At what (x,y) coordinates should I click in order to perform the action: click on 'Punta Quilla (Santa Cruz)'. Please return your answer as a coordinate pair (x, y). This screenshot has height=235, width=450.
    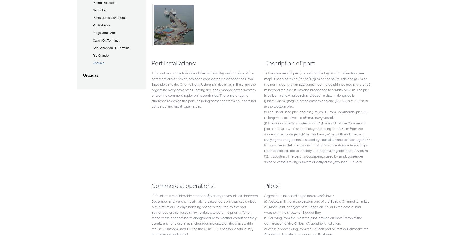
    Looking at the image, I should click on (110, 18).